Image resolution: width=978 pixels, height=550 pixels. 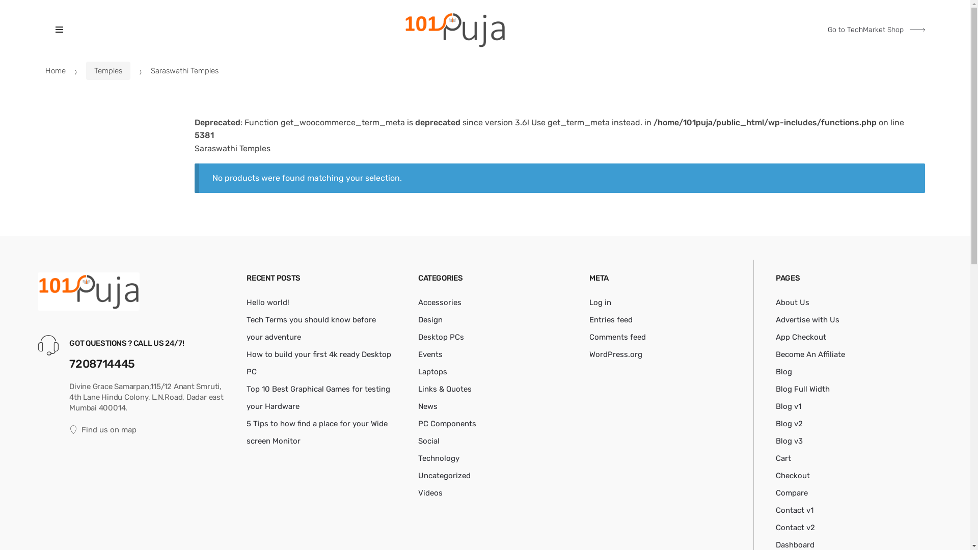 I want to click on 'Compare', so click(x=791, y=492).